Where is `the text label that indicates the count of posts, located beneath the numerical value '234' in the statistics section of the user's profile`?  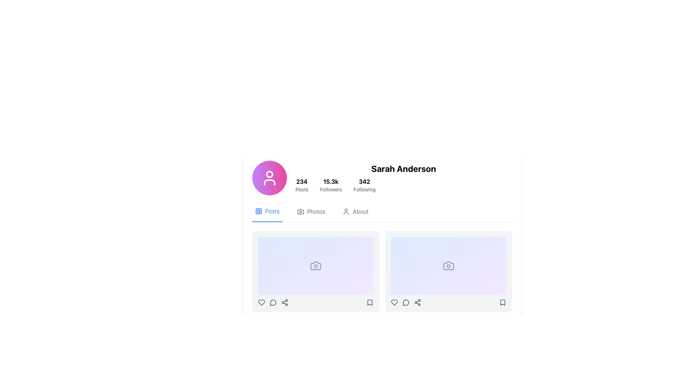 the text label that indicates the count of posts, located beneath the numerical value '234' in the statistics section of the user's profile is located at coordinates (302, 189).